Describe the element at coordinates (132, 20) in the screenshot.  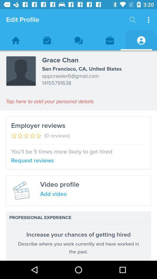
I see `the icon next to the edit profile item` at that location.